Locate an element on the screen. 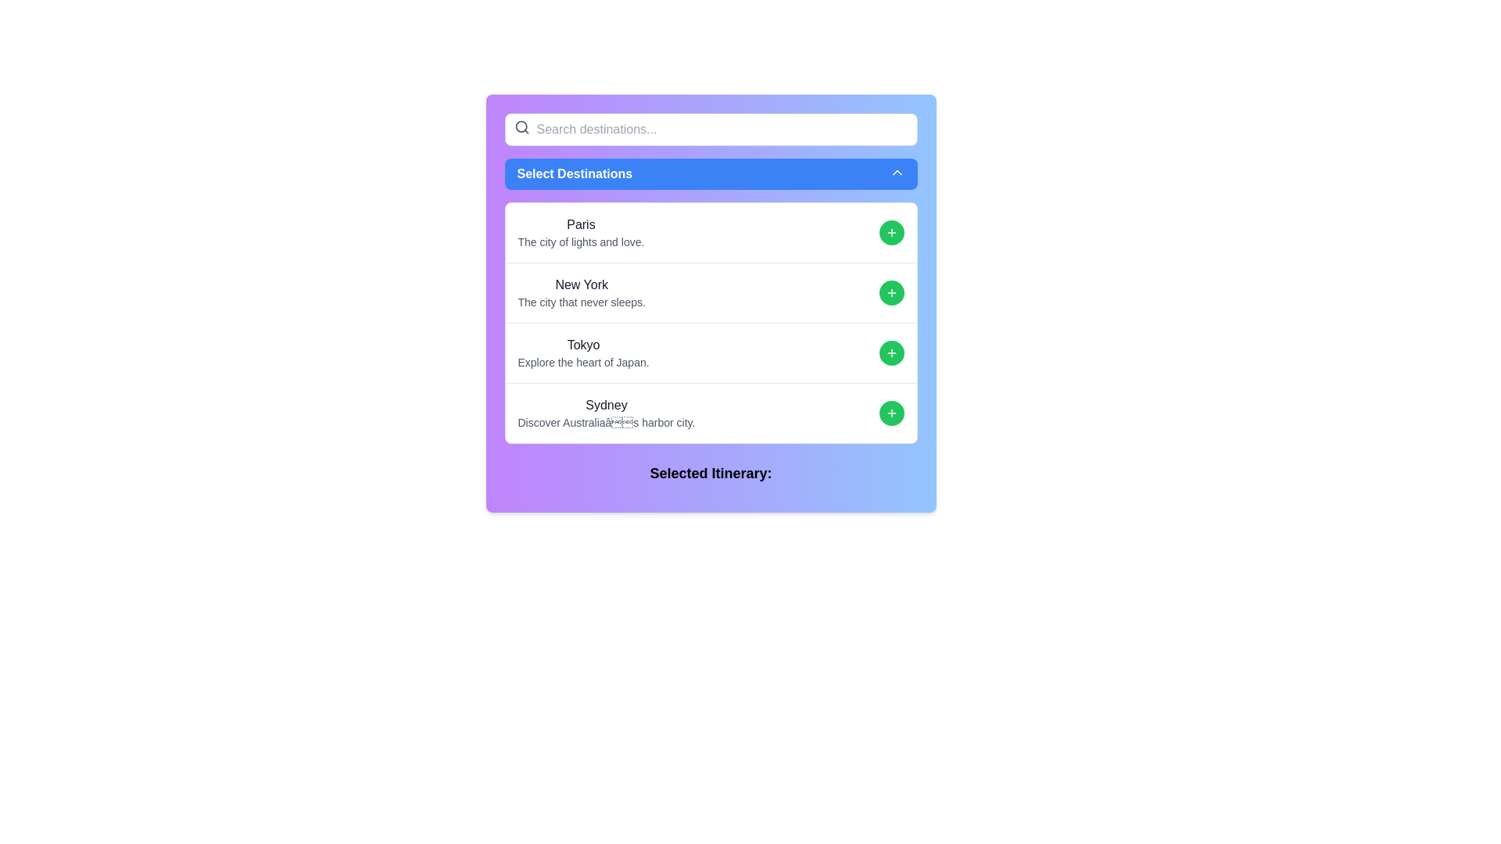  the first green circular '+' icon located to the right of the text items 'Paris' and 'New York' in the 'Select Destinations' section is located at coordinates (891, 232).